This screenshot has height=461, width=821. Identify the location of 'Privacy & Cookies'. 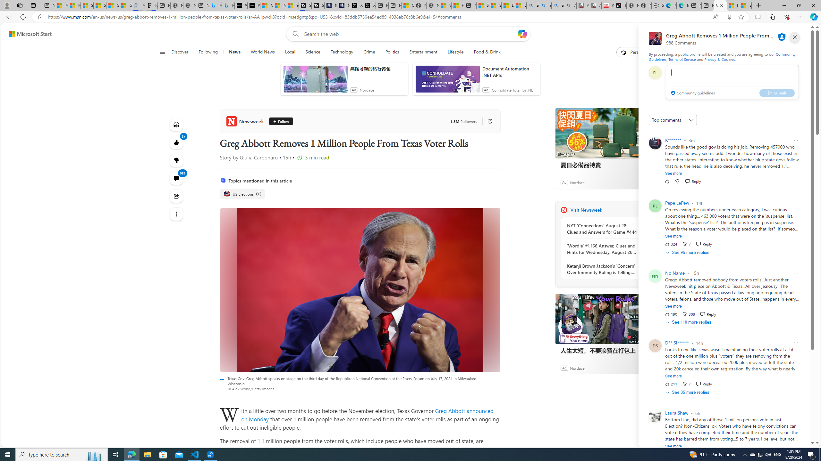
(719, 59).